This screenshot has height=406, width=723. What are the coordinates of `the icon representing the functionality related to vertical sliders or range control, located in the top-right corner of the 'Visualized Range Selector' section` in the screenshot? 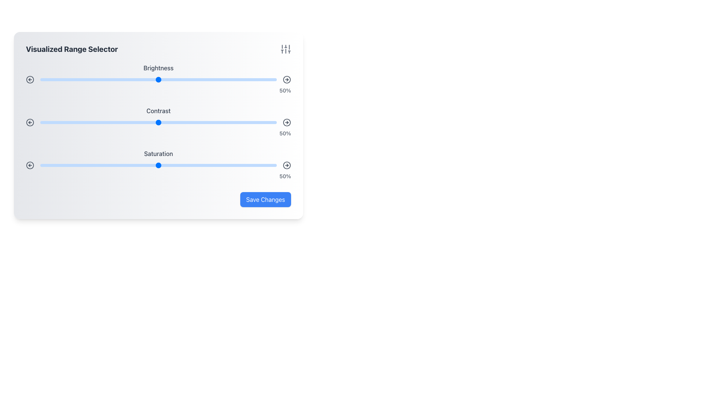 It's located at (285, 49).